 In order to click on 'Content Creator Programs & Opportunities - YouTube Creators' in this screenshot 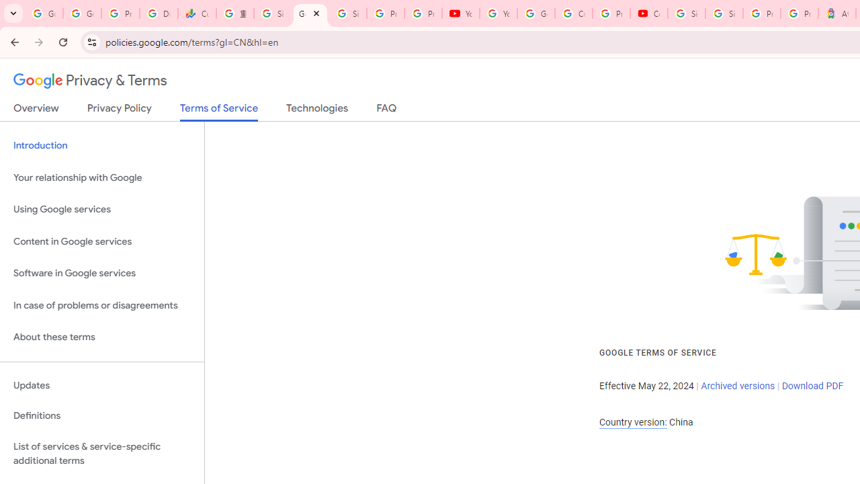, I will do `click(649, 13)`.